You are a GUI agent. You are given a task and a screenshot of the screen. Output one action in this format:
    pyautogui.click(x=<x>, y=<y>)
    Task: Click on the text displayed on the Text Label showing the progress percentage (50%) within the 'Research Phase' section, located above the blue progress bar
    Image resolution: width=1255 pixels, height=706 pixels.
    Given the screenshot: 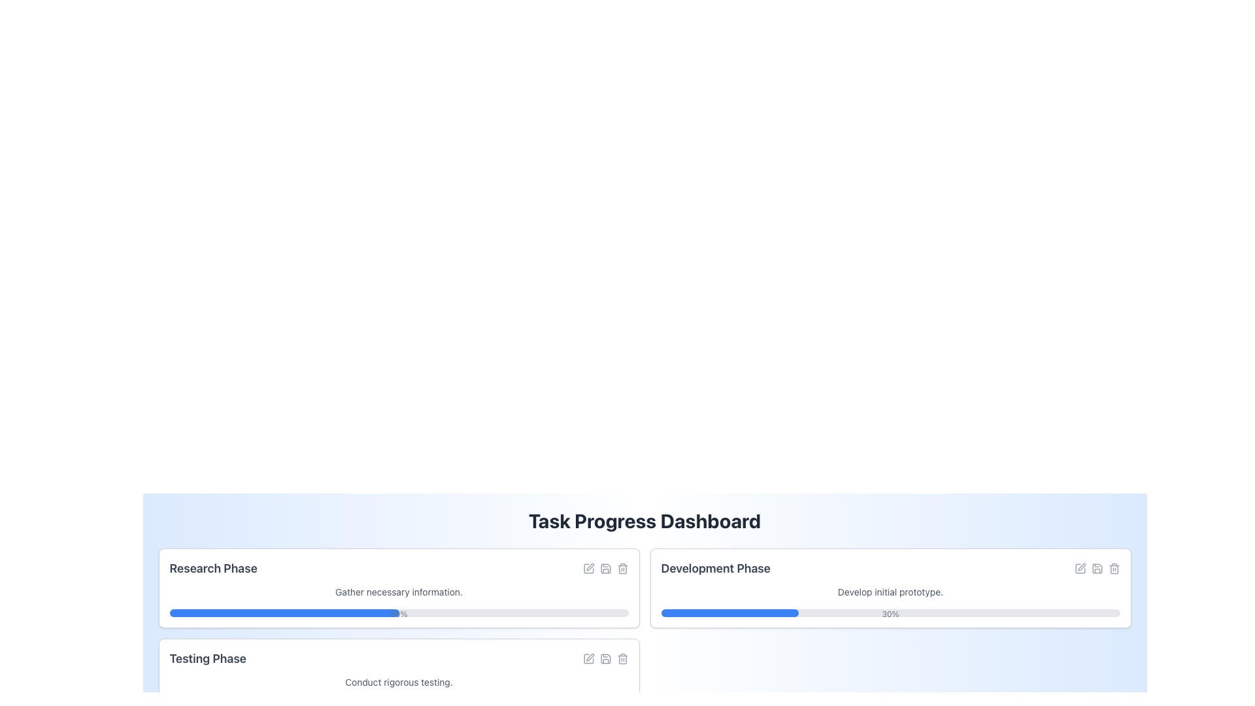 What is the action you would take?
    pyautogui.click(x=398, y=614)
    